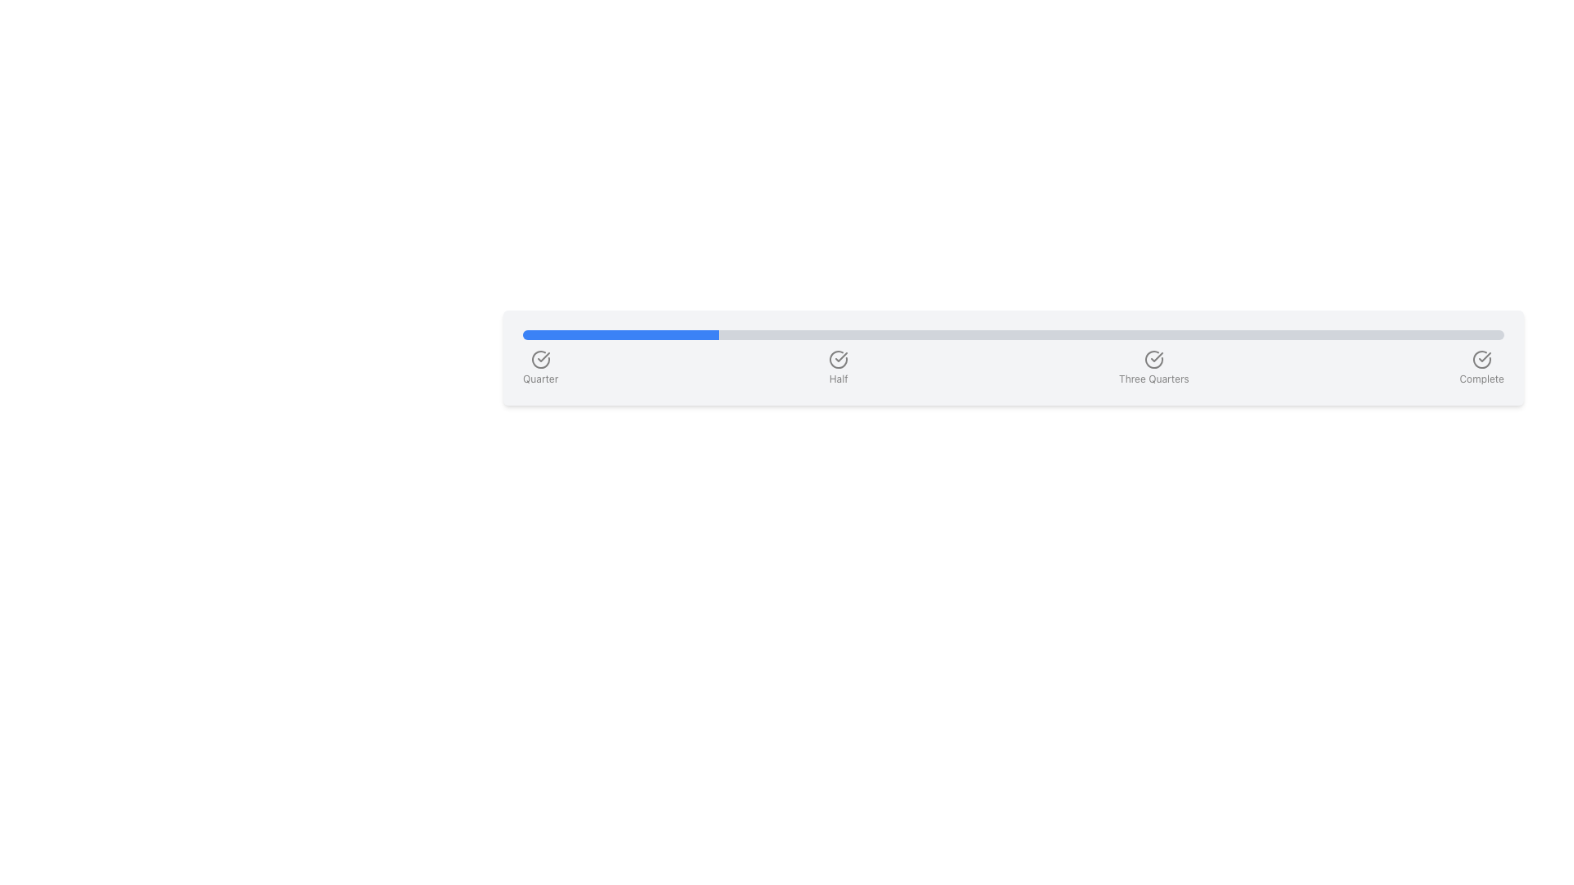 The width and height of the screenshot is (1574, 885). Describe the element at coordinates (1153, 359) in the screenshot. I see `the left arc of the SVG icon representing the 'Three Quarters' stage in the progress tracker, which is a non-interactive visual component` at that location.